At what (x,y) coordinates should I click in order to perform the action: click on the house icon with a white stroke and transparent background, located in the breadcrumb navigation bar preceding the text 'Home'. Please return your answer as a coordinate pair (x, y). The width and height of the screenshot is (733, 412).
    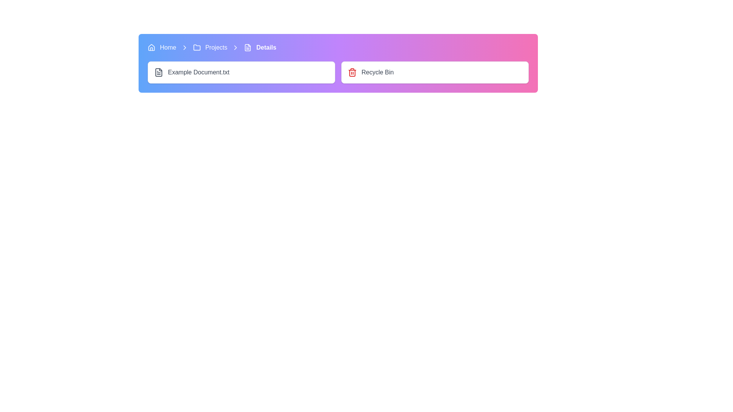
    Looking at the image, I should click on (152, 47).